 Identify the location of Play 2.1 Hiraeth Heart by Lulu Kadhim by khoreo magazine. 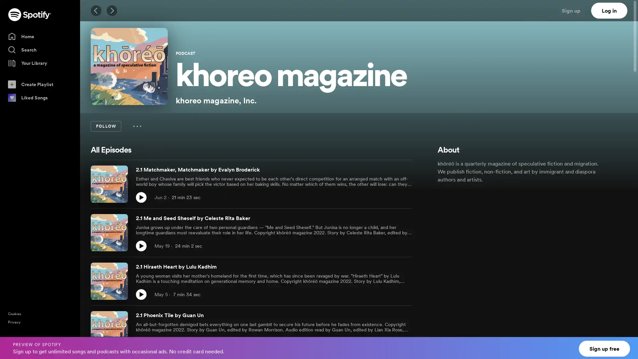
(141, 294).